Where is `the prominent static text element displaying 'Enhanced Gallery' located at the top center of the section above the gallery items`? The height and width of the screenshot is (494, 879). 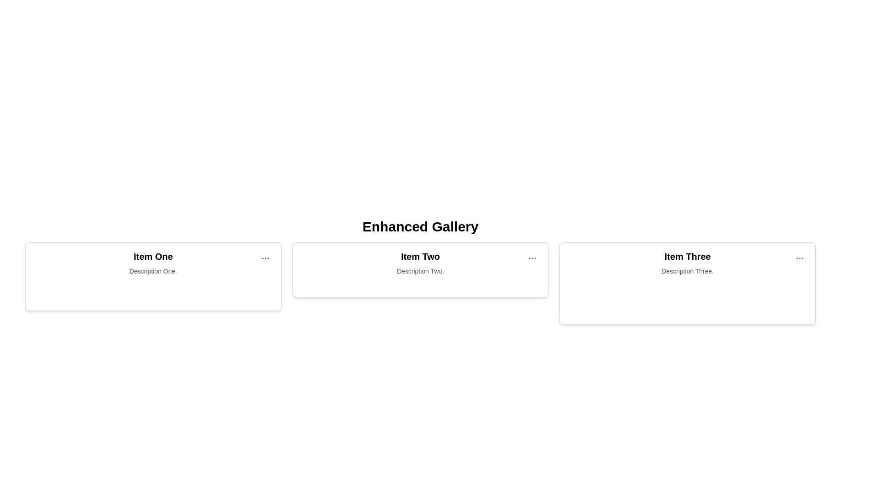 the prominent static text element displaying 'Enhanced Gallery' located at the top center of the section above the gallery items is located at coordinates (420, 226).